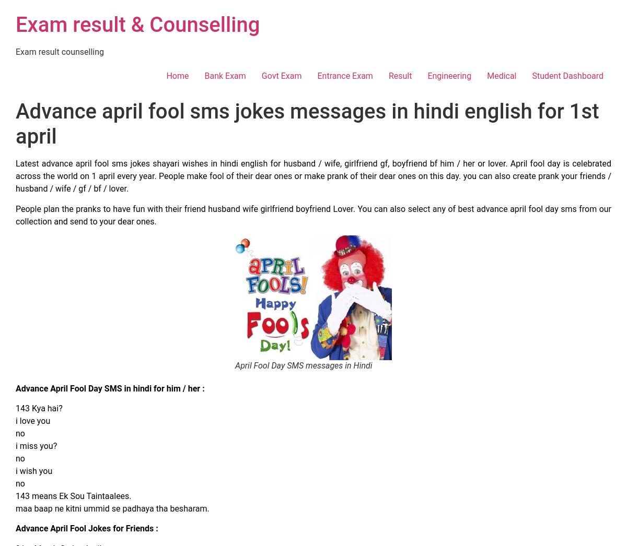  I want to click on '143 means Ek Sou Taintaalees.', so click(73, 495).